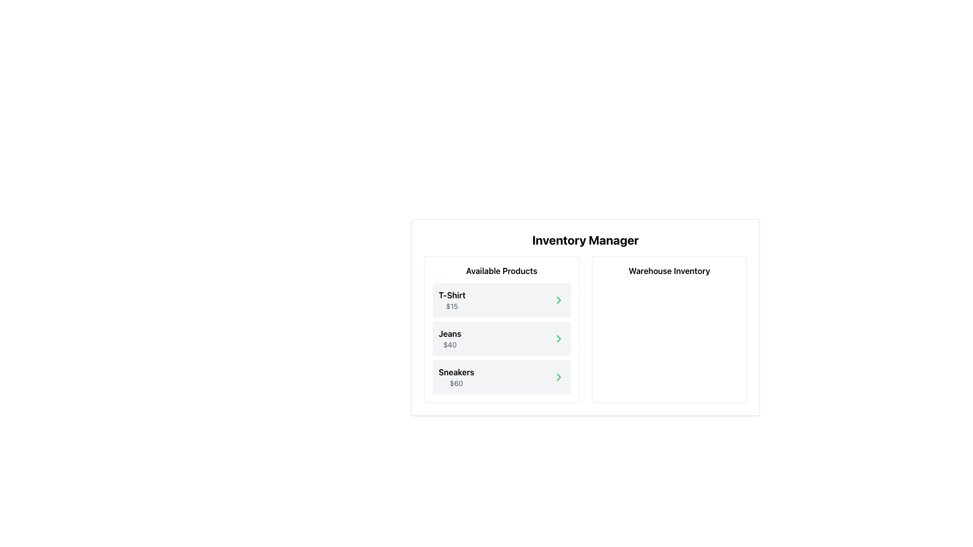 This screenshot has height=547, width=973. I want to click on the price label '$40' which is located below the product 'Jeans' in the 'Available Products' section, so click(450, 344).